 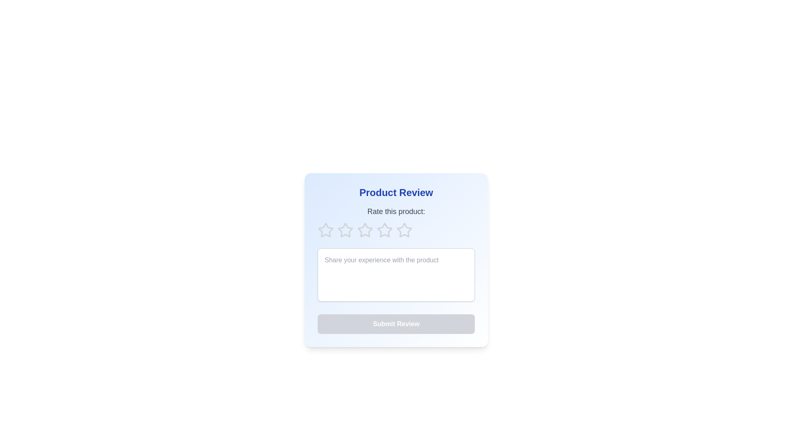 I want to click on the third star rating icon in the 1-to-5 star rating system, so click(x=404, y=230).